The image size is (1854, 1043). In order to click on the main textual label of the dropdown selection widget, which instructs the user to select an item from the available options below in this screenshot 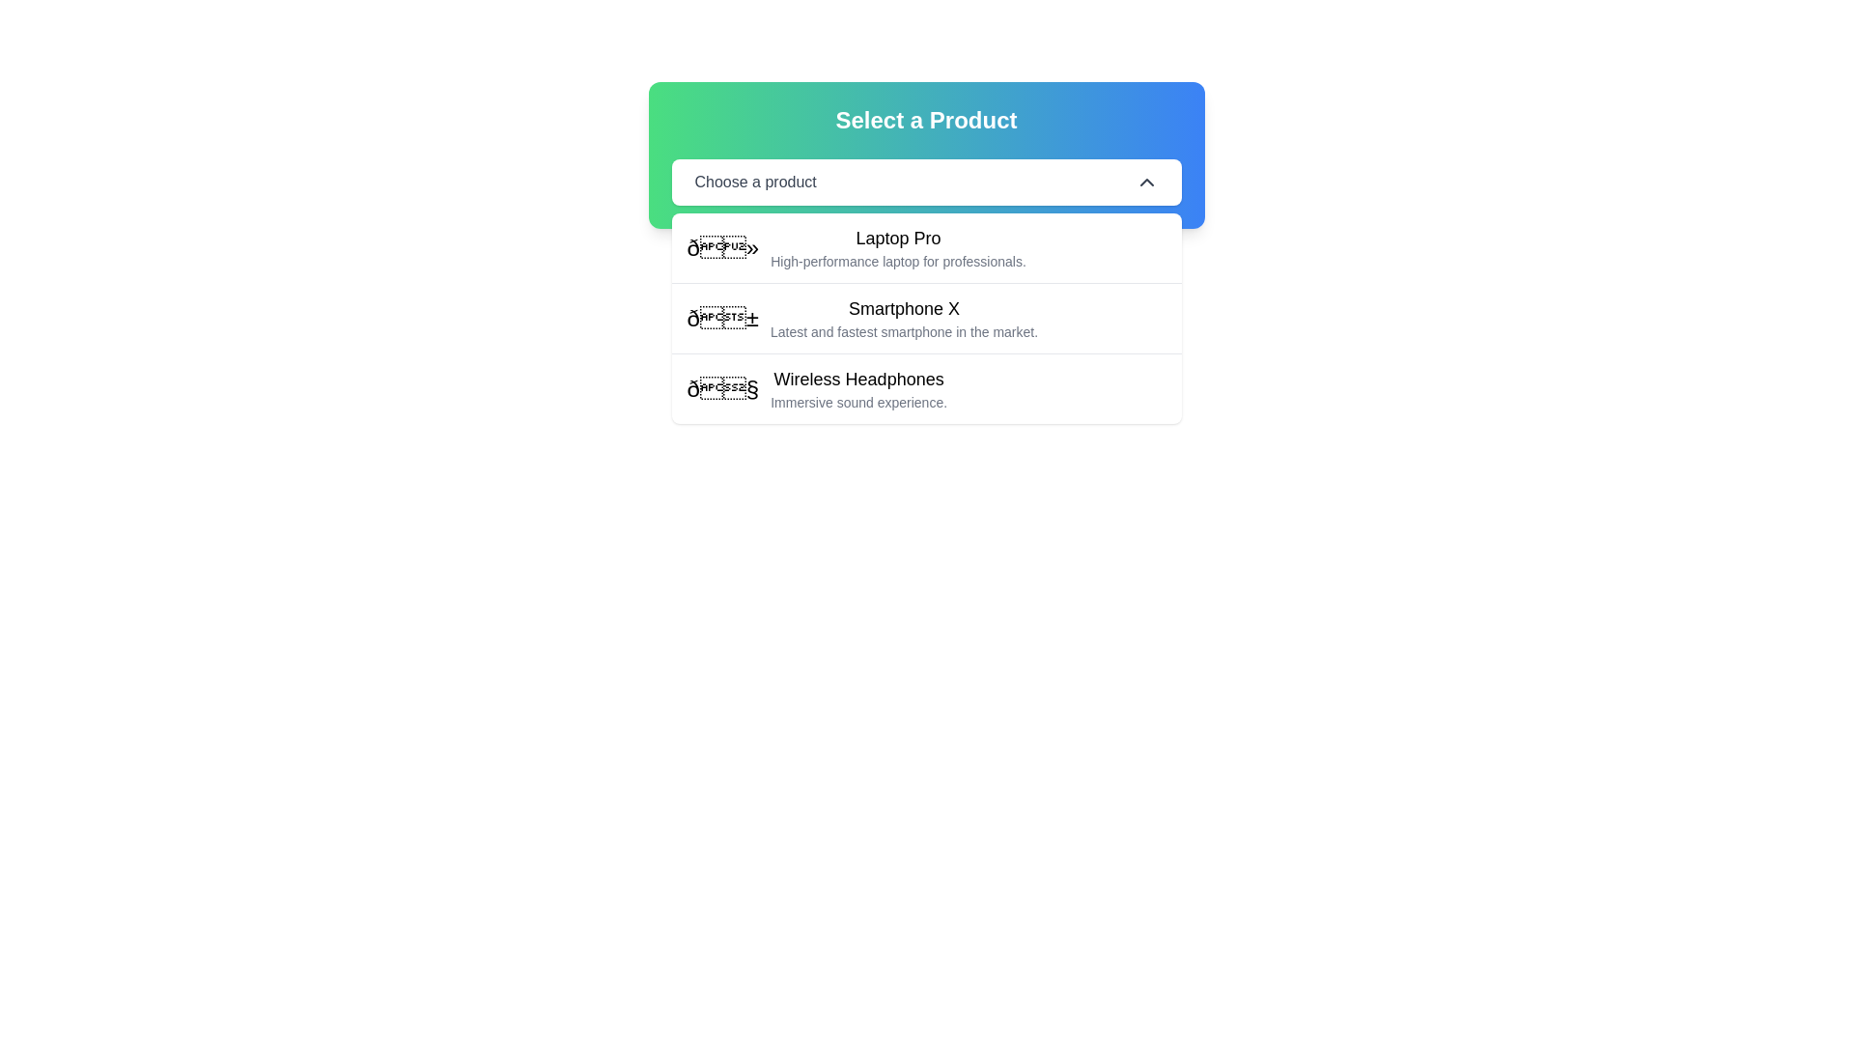, I will do `click(754, 183)`.